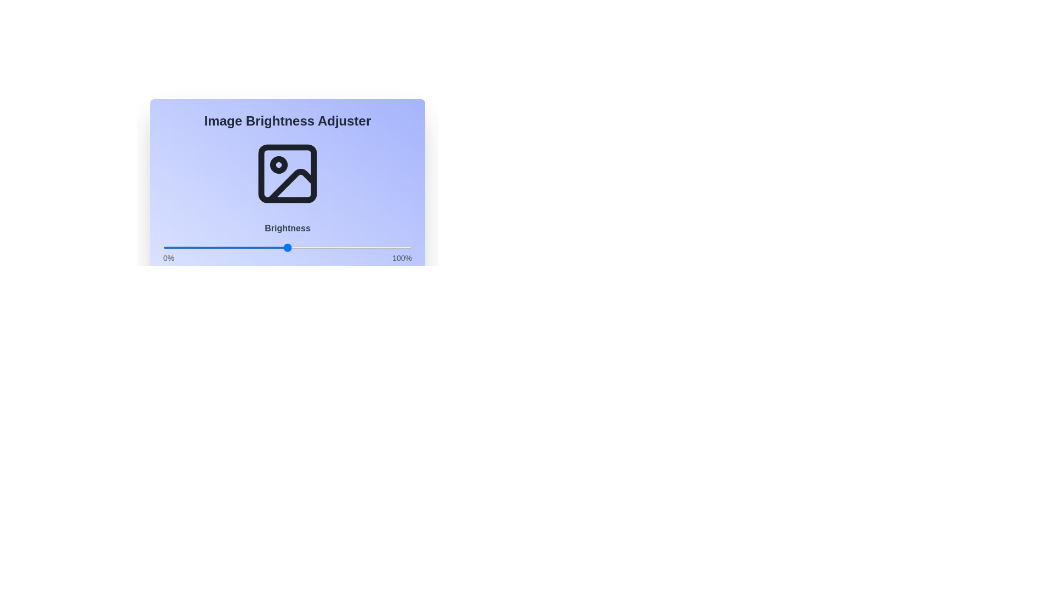 Image resolution: width=1052 pixels, height=592 pixels. I want to click on the brightness slider to 20%, so click(213, 247).